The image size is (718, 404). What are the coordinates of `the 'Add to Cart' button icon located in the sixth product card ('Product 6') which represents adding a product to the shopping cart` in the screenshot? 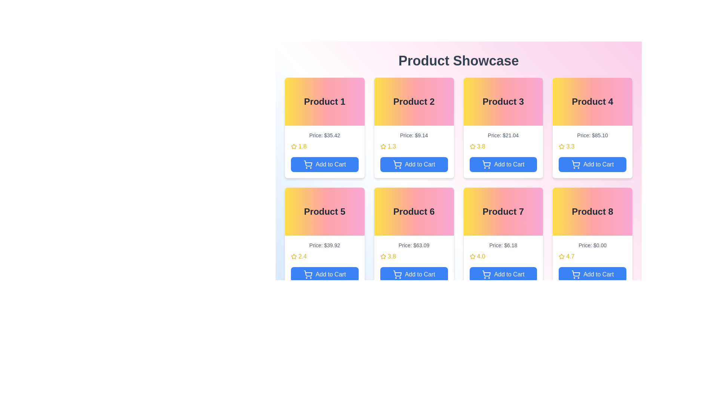 It's located at (397, 274).